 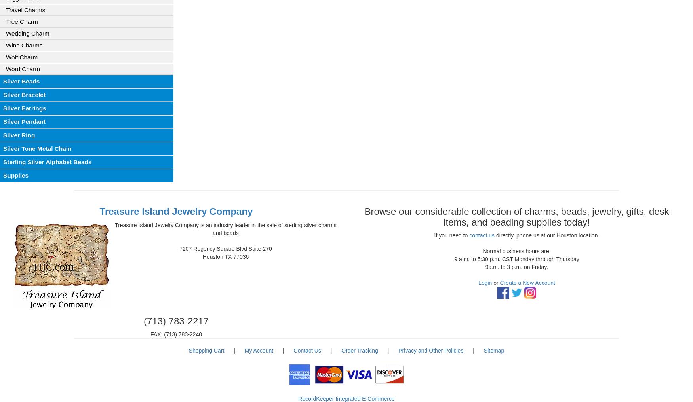 I want to click on 'Silver Bracelet', so click(x=3, y=95).